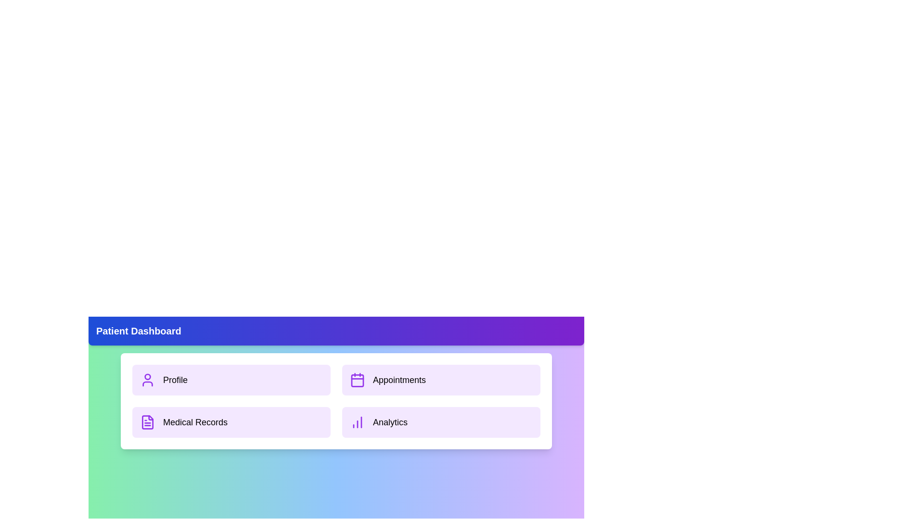 The width and height of the screenshot is (924, 519). What do you see at coordinates (440, 379) in the screenshot?
I see `the 'Appointments' section to navigate to the appointments page` at bounding box center [440, 379].